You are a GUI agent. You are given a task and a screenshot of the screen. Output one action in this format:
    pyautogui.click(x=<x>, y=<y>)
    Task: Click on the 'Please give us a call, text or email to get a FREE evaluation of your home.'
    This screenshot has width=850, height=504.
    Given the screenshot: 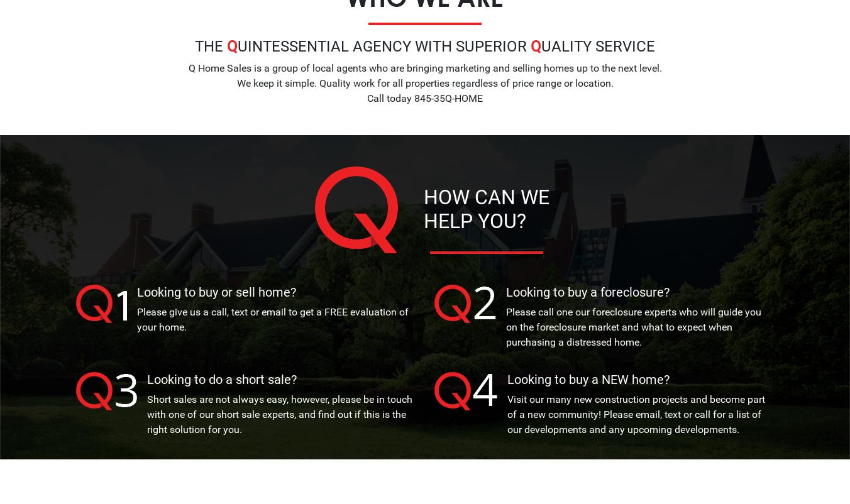 What is the action you would take?
    pyautogui.click(x=272, y=319)
    